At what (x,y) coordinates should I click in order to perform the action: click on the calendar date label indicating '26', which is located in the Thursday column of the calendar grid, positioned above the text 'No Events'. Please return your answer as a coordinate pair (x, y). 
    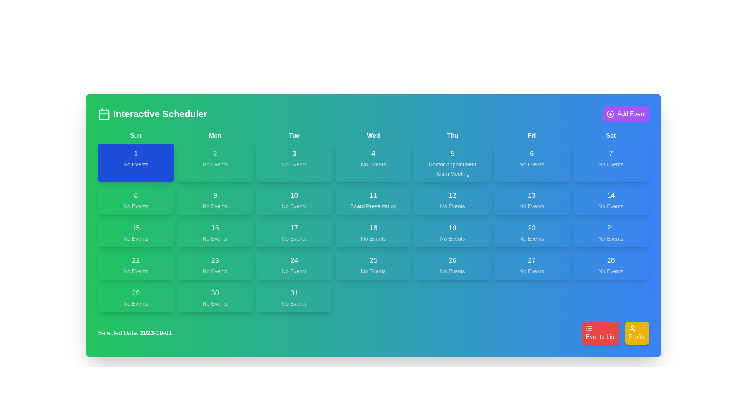
    Looking at the image, I should click on (452, 260).